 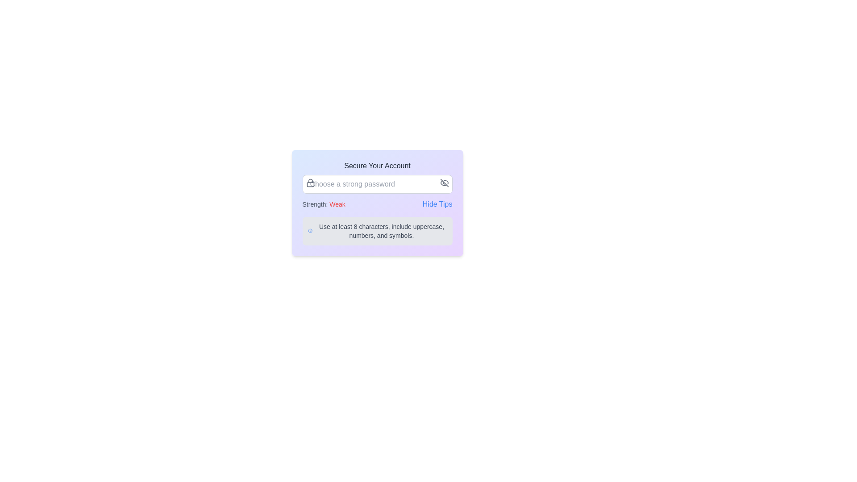 What do you see at coordinates (310, 184) in the screenshot?
I see `the rectangular base of the lock icon, which is part of the password input field labeled 'Choose a strong password'` at bounding box center [310, 184].